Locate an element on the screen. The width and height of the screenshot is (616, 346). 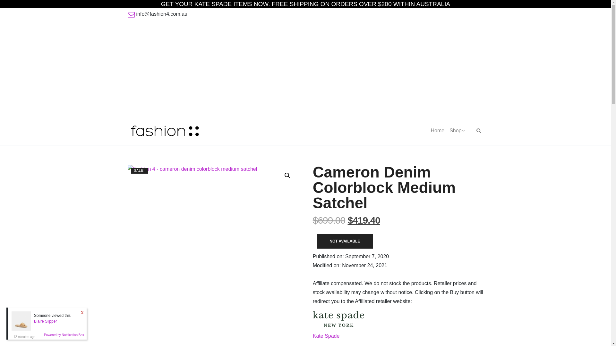
'X' is located at coordinates (82, 312).